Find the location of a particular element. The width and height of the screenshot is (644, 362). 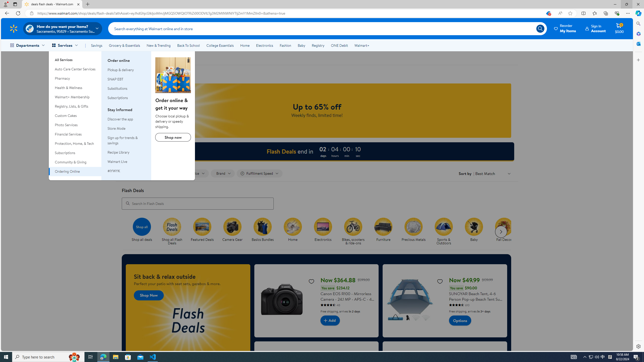

'Bikes, scooters & ride-ons Bikes, scooters & ride-ons' is located at coordinates (353, 231).